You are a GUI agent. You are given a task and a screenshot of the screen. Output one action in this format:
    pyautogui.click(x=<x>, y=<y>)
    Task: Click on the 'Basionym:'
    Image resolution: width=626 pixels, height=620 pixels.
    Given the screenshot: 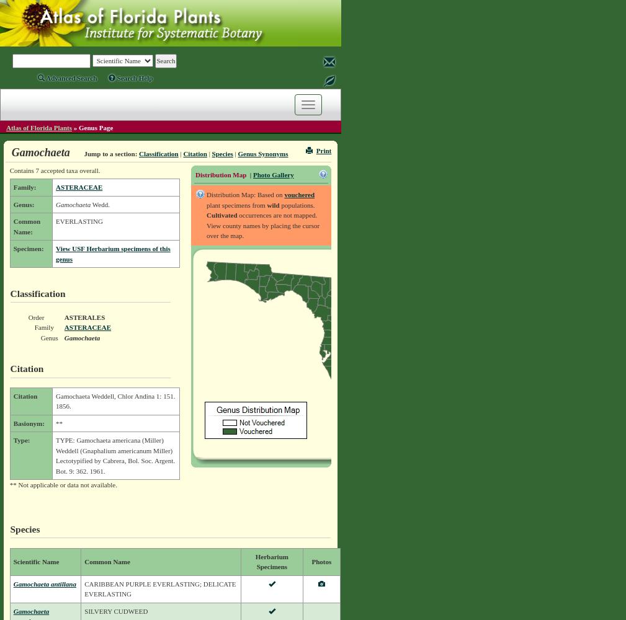 What is the action you would take?
    pyautogui.click(x=28, y=423)
    